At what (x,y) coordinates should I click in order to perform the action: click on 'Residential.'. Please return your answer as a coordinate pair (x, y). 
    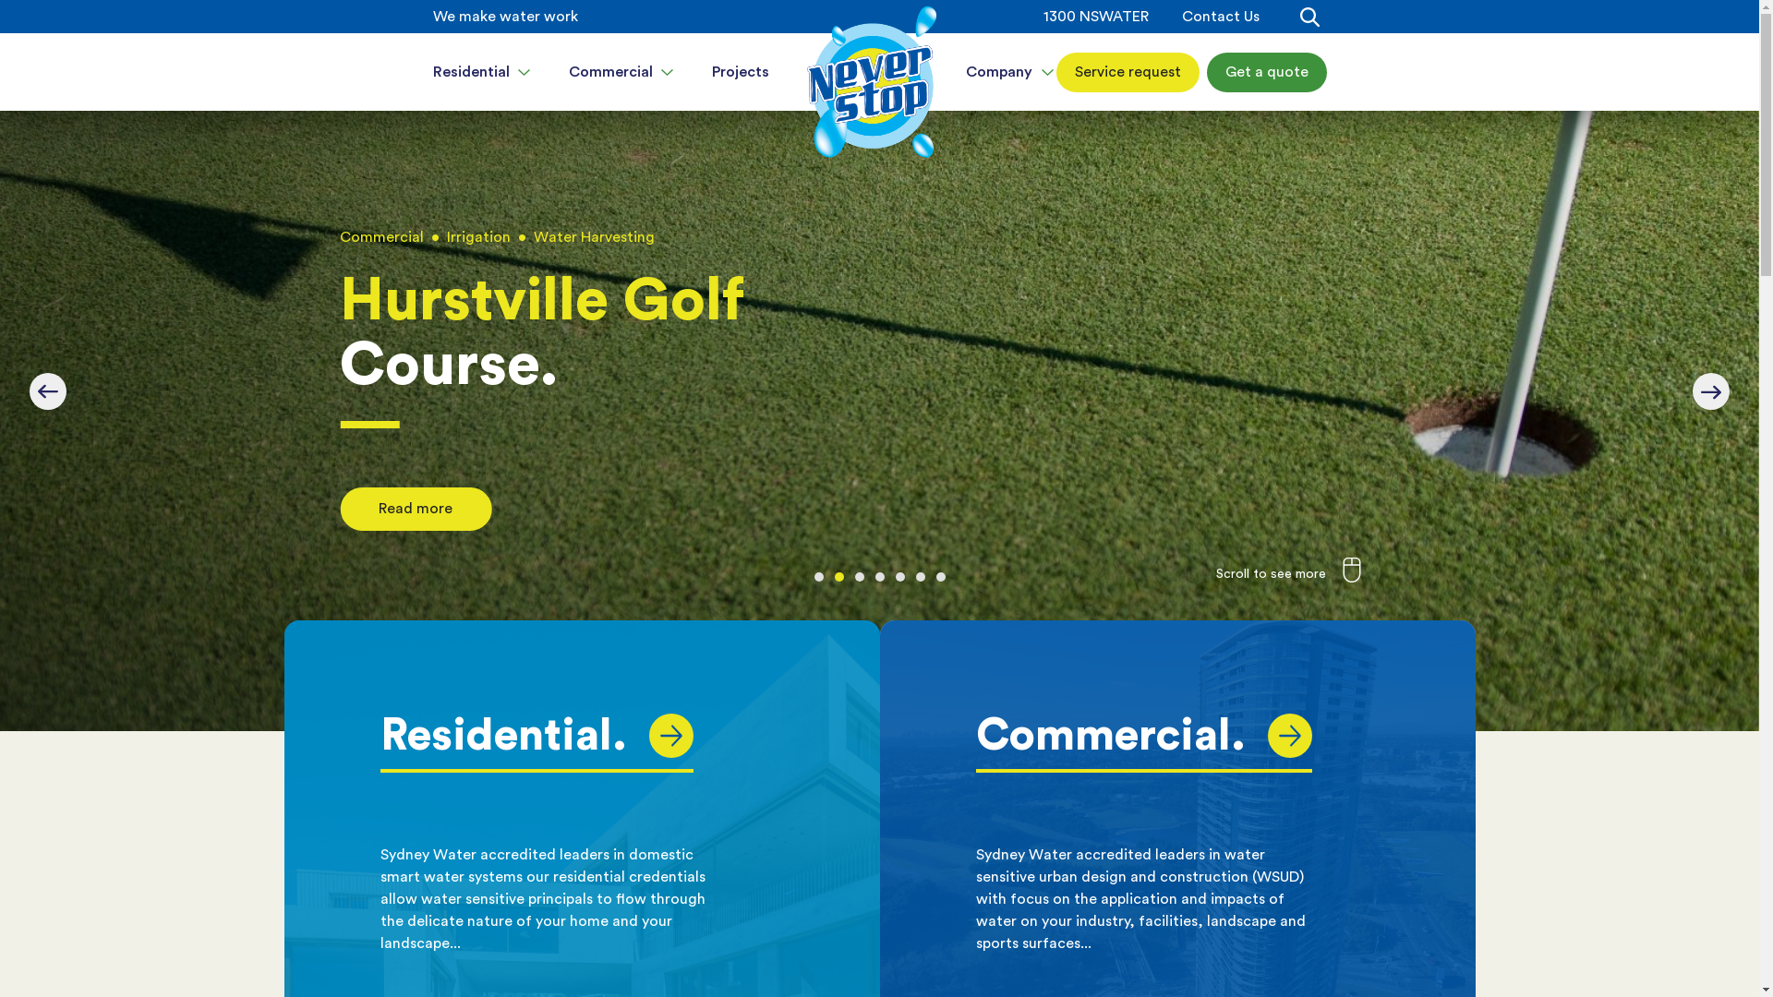
    Looking at the image, I should click on (380, 735).